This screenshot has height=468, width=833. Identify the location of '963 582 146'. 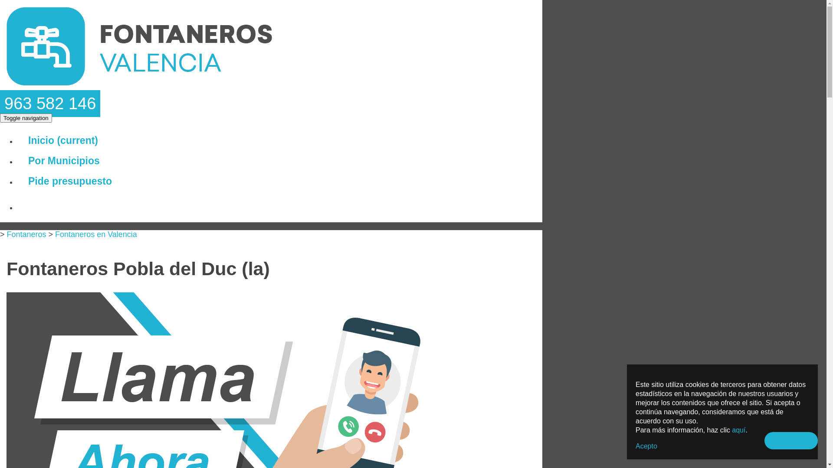
(49, 103).